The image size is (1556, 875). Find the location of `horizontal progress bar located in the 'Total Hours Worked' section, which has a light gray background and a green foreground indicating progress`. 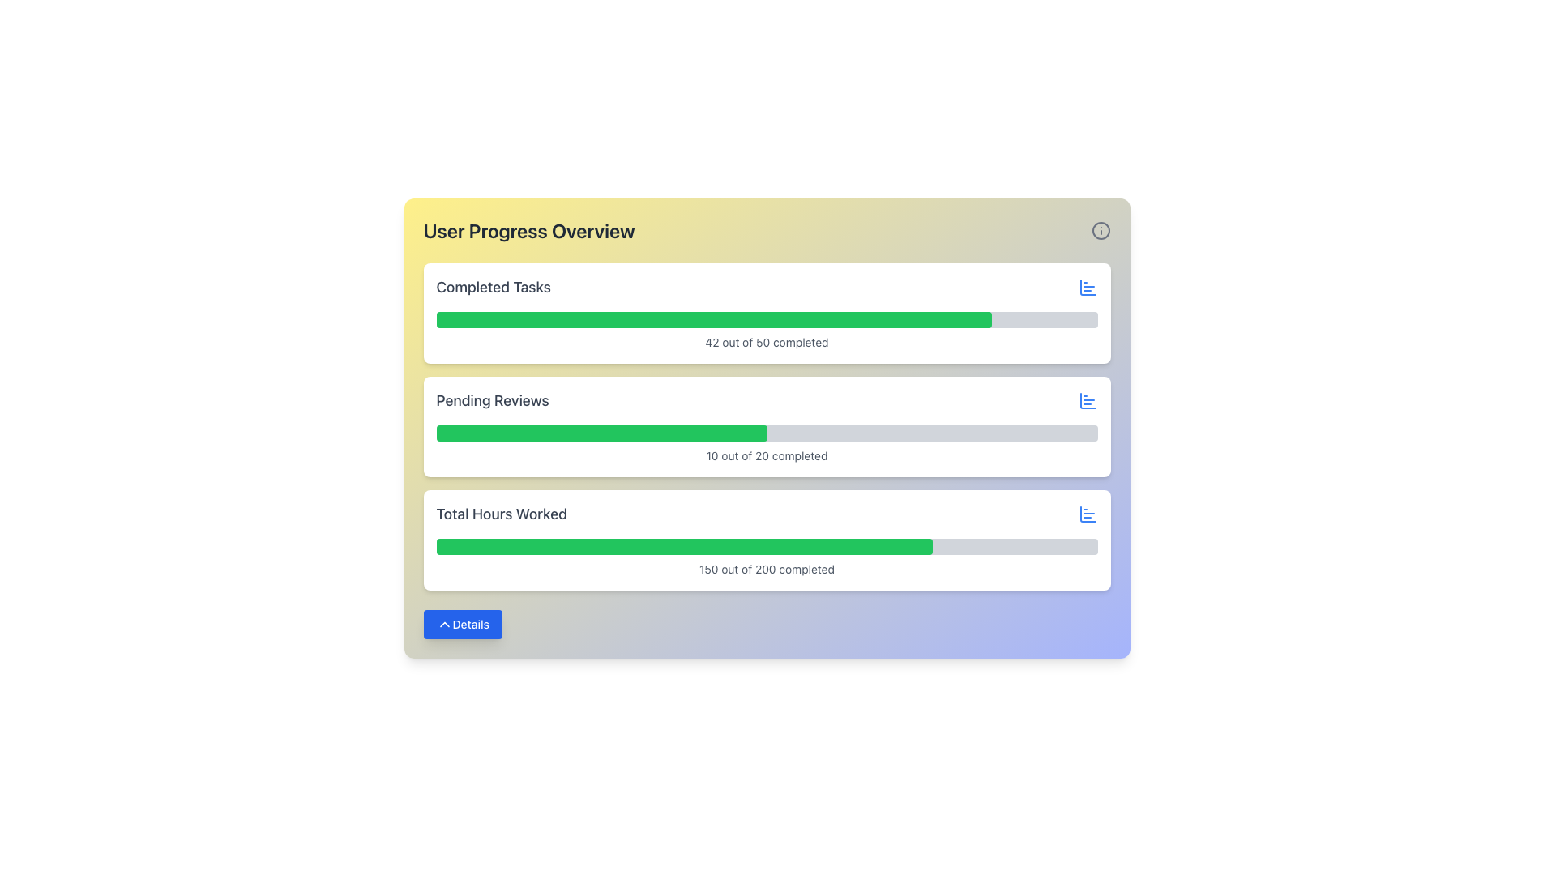

horizontal progress bar located in the 'Total Hours Worked' section, which has a light gray background and a green foreground indicating progress is located at coordinates (766, 547).